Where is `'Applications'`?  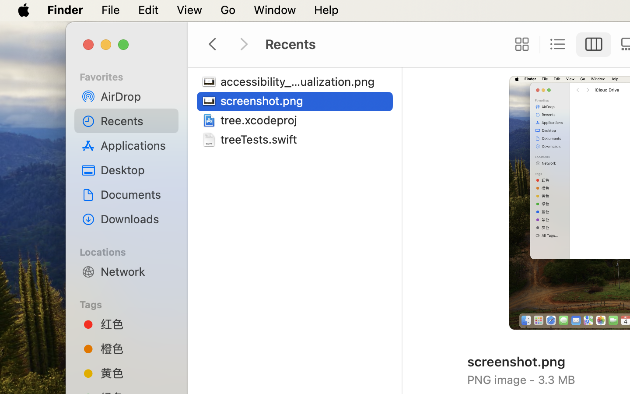 'Applications' is located at coordinates (136, 145).